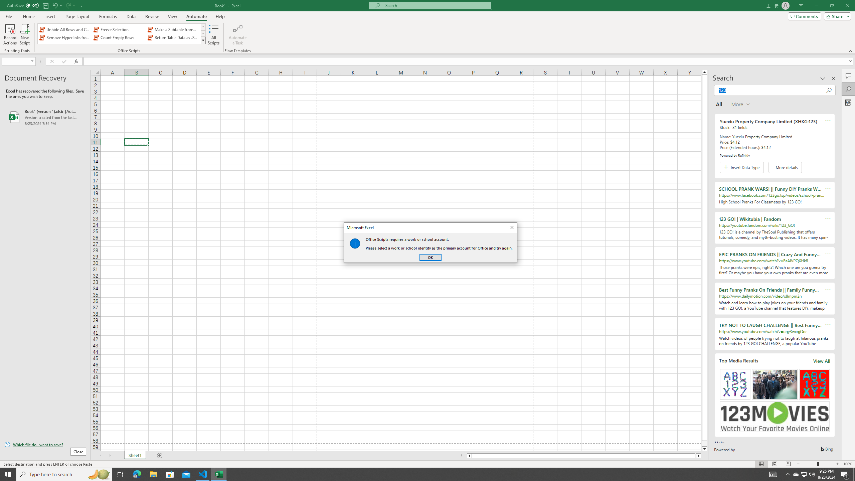 Image resolution: width=855 pixels, height=481 pixels. What do you see at coordinates (8, 474) in the screenshot?
I see `'Start'` at bounding box center [8, 474].